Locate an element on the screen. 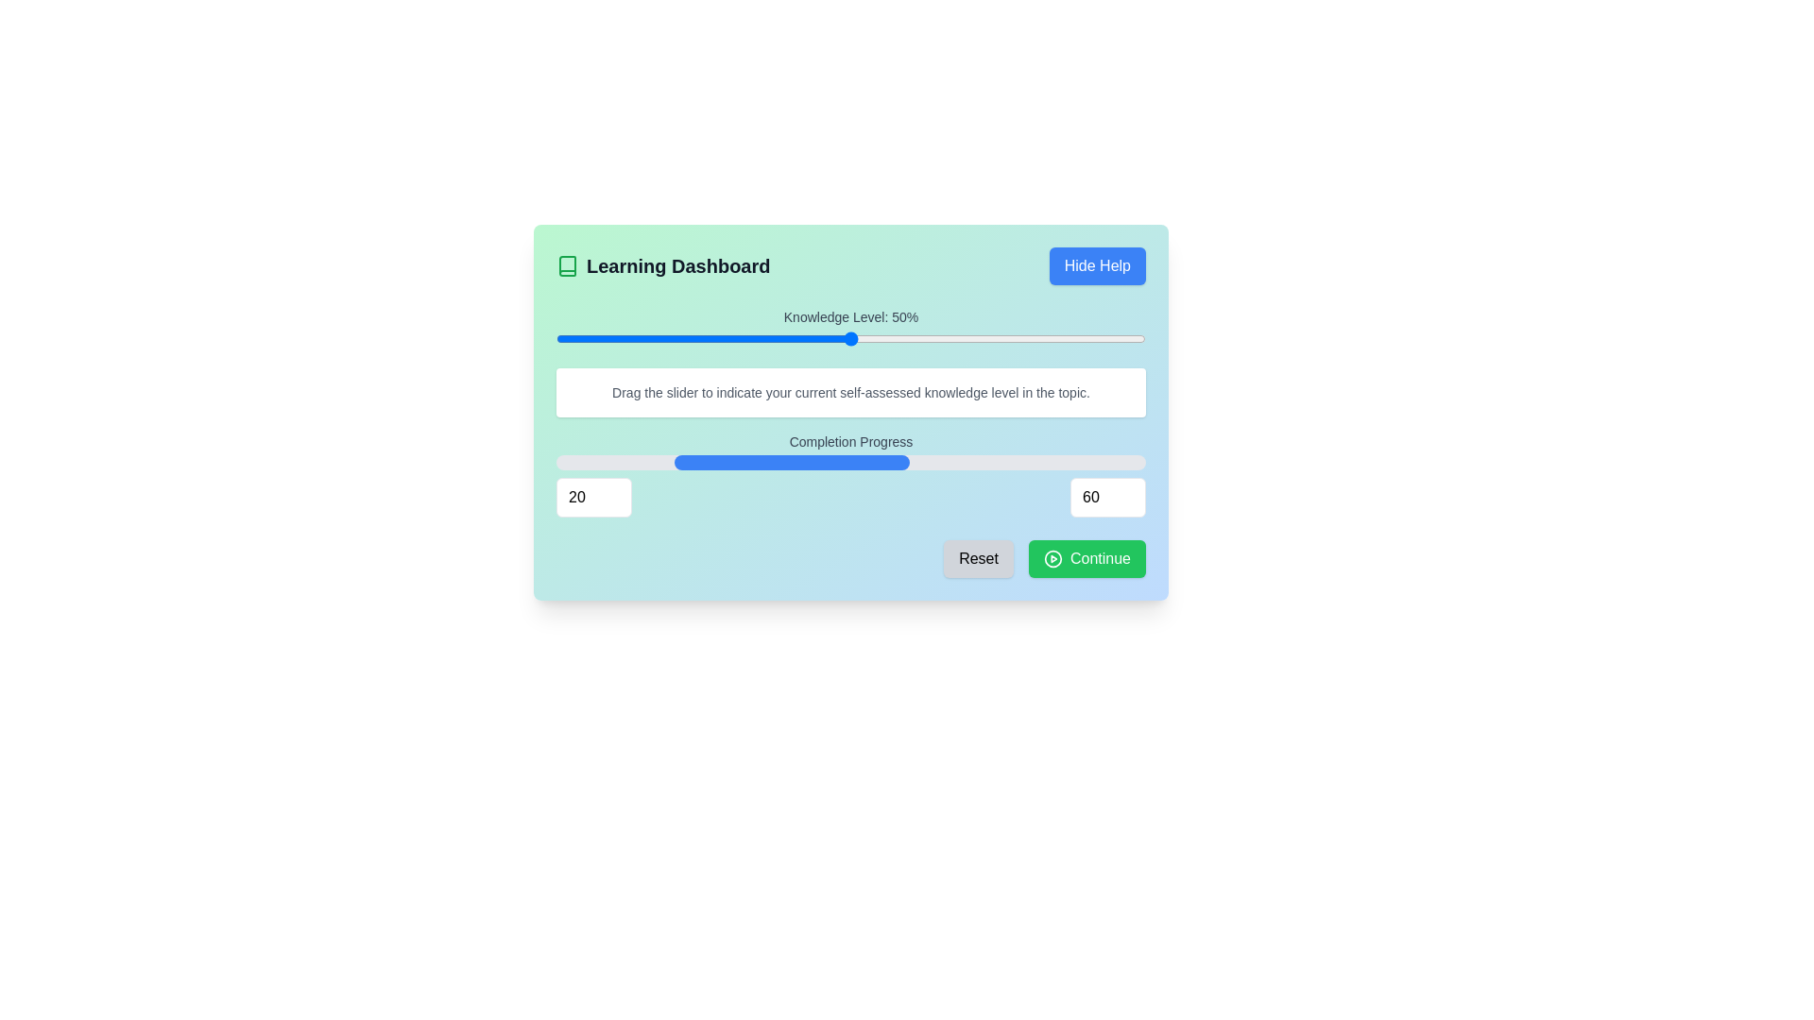 This screenshot has width=1814, height=1020. the circular play icon, which features a white triangular play symbol on a green background, located on the bottom-right corner of the dialog, next to the 'Continue' label is located at coordinates (1052, 557).